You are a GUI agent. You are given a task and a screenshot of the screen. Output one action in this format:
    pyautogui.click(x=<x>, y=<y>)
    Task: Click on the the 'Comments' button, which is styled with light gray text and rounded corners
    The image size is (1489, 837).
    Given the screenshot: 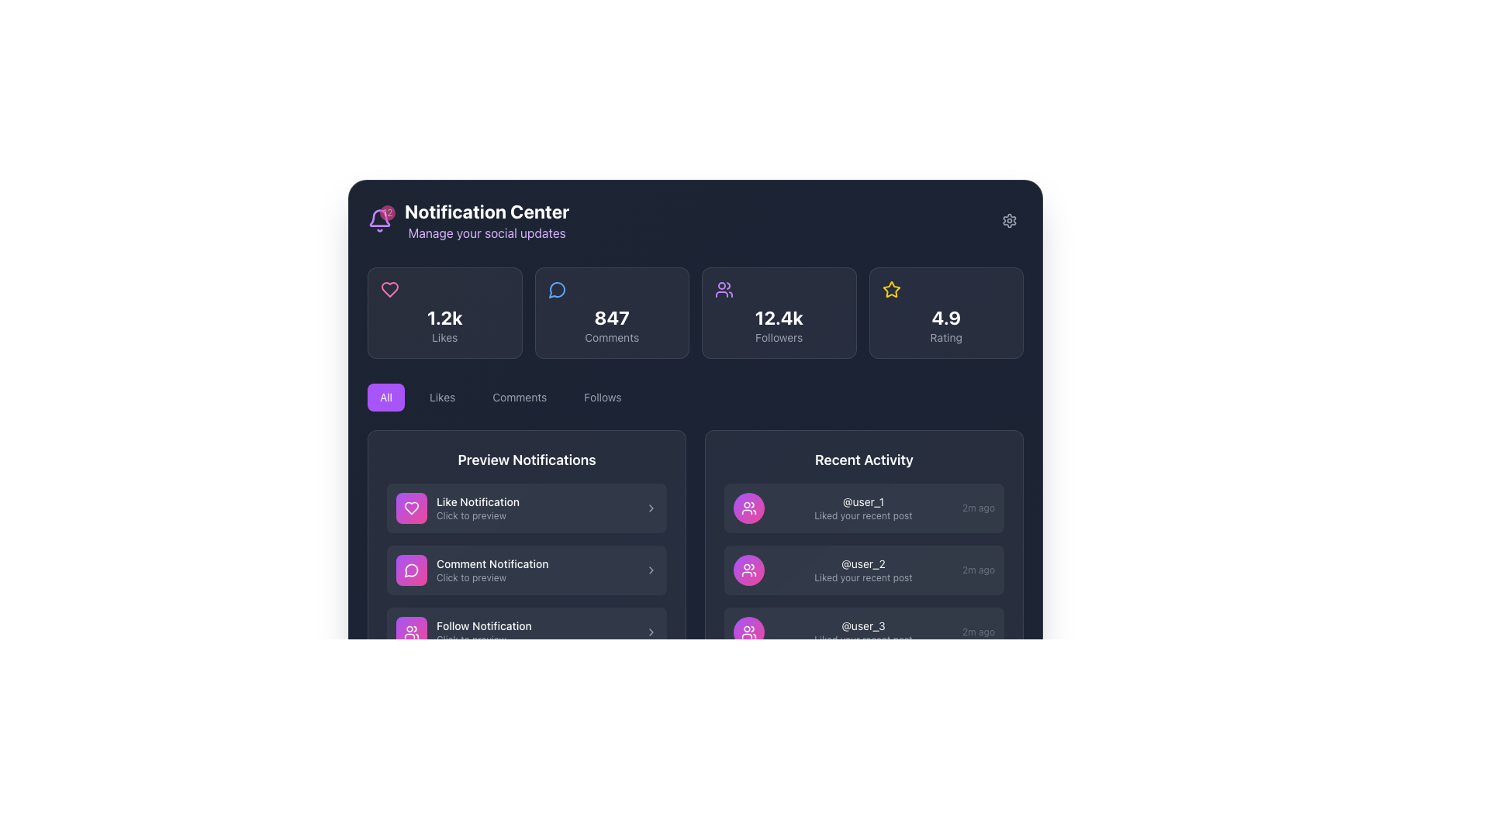 What is the action you would take?
    pyautogui.click(x=520, y=397)
    